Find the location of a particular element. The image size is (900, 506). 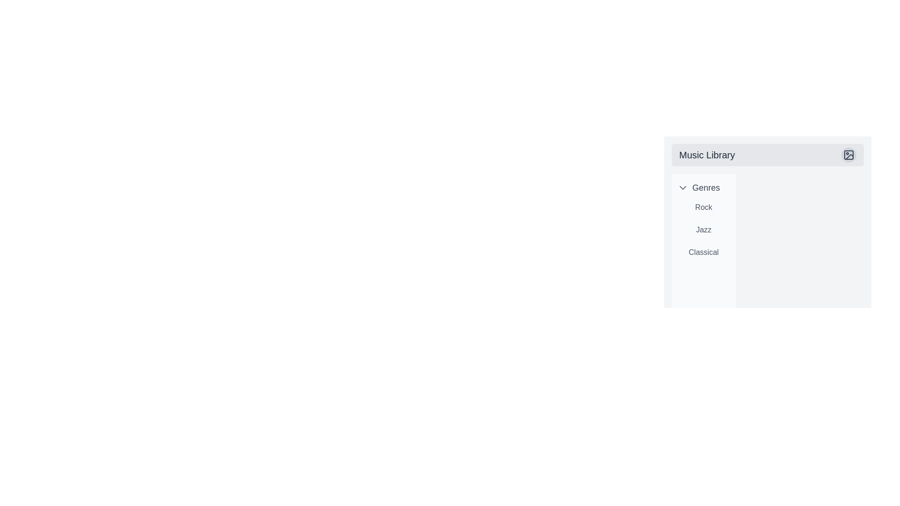

the 'Classical' label, which is the third entry in the 'Genres' list is located at coordinates (704, 252).